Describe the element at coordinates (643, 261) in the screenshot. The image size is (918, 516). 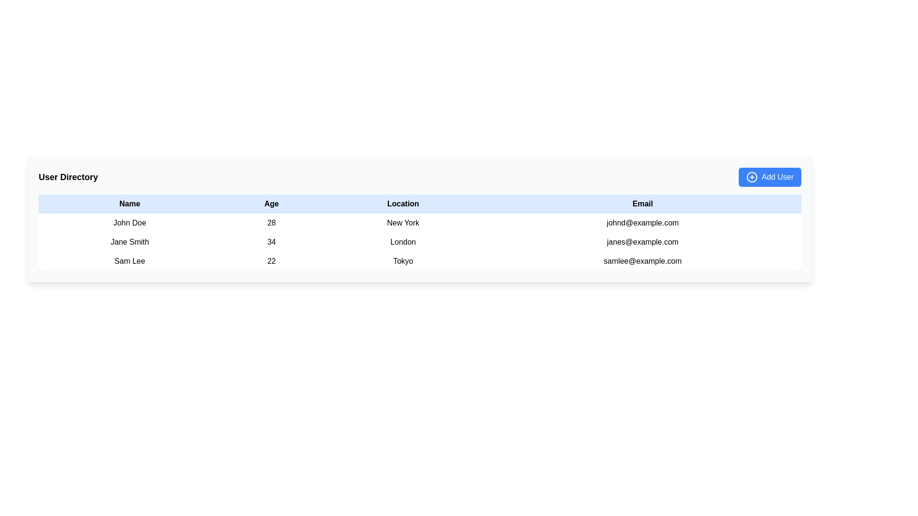
I see `the non-interactive informational display for the email address associated with the user entry 'Sam Lee', located in the fourth column of the third row under the 'Email' header` at that location.